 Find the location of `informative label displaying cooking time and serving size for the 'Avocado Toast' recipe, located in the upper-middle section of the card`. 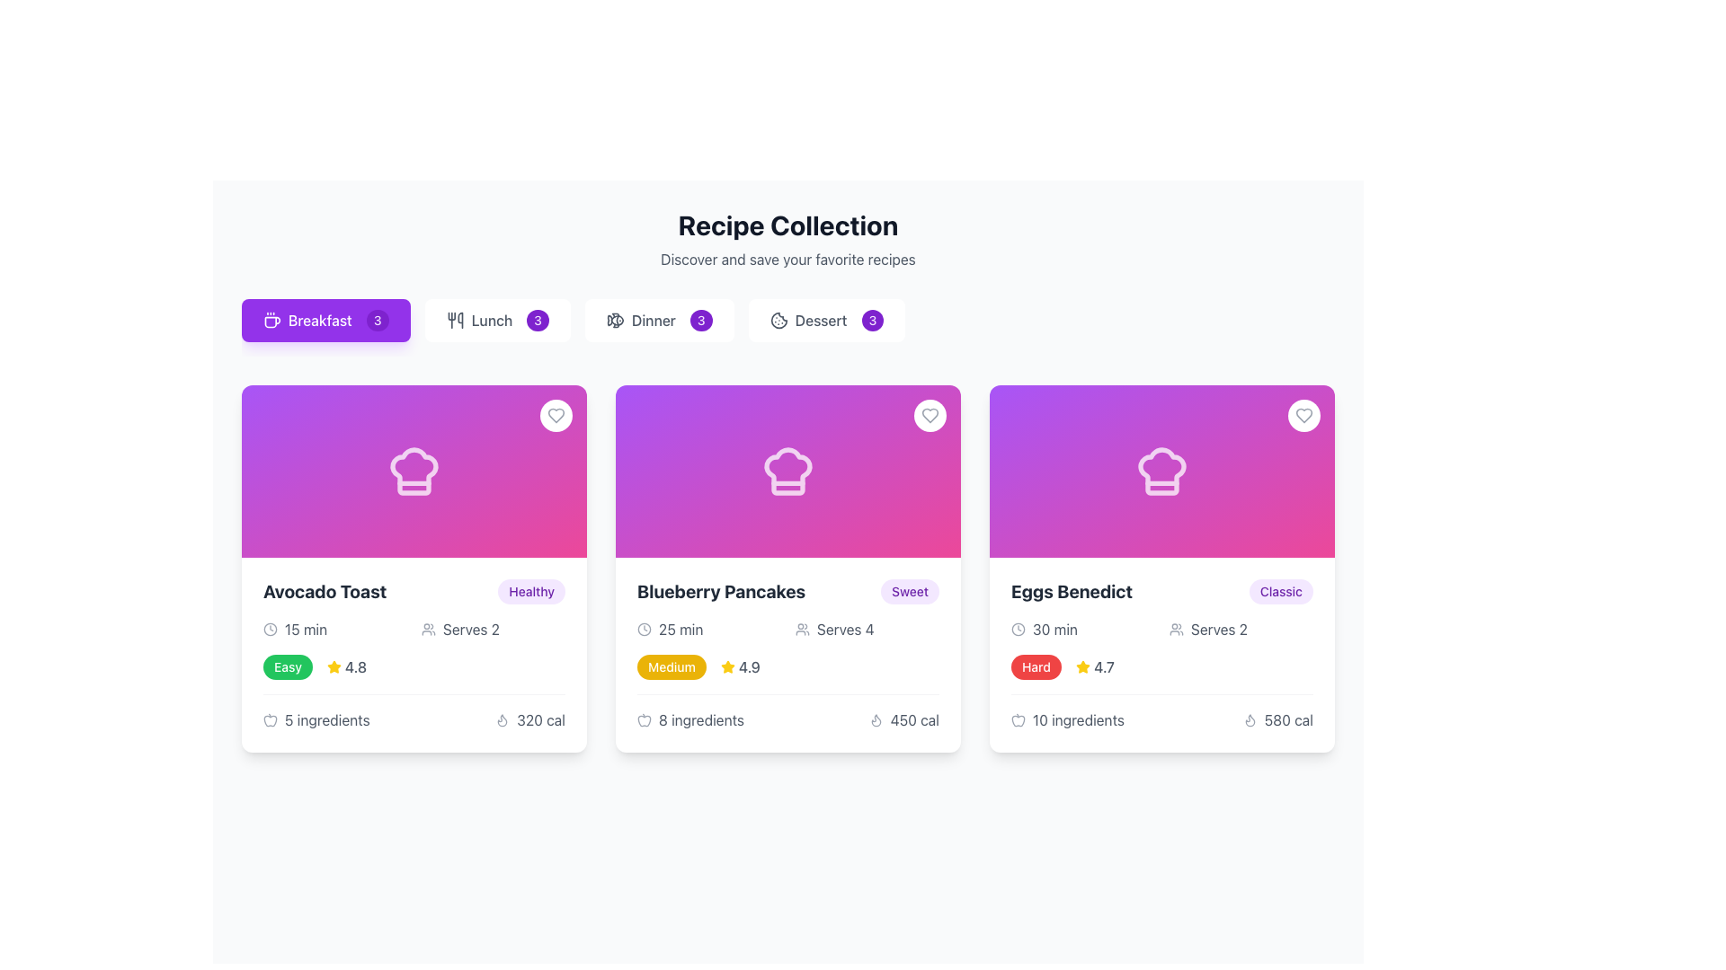

informative label displaying cooking time and serving size for the 'Avocado Toast' recipe, located in the upper-middle section of the card is located at coordinates (413, 629).